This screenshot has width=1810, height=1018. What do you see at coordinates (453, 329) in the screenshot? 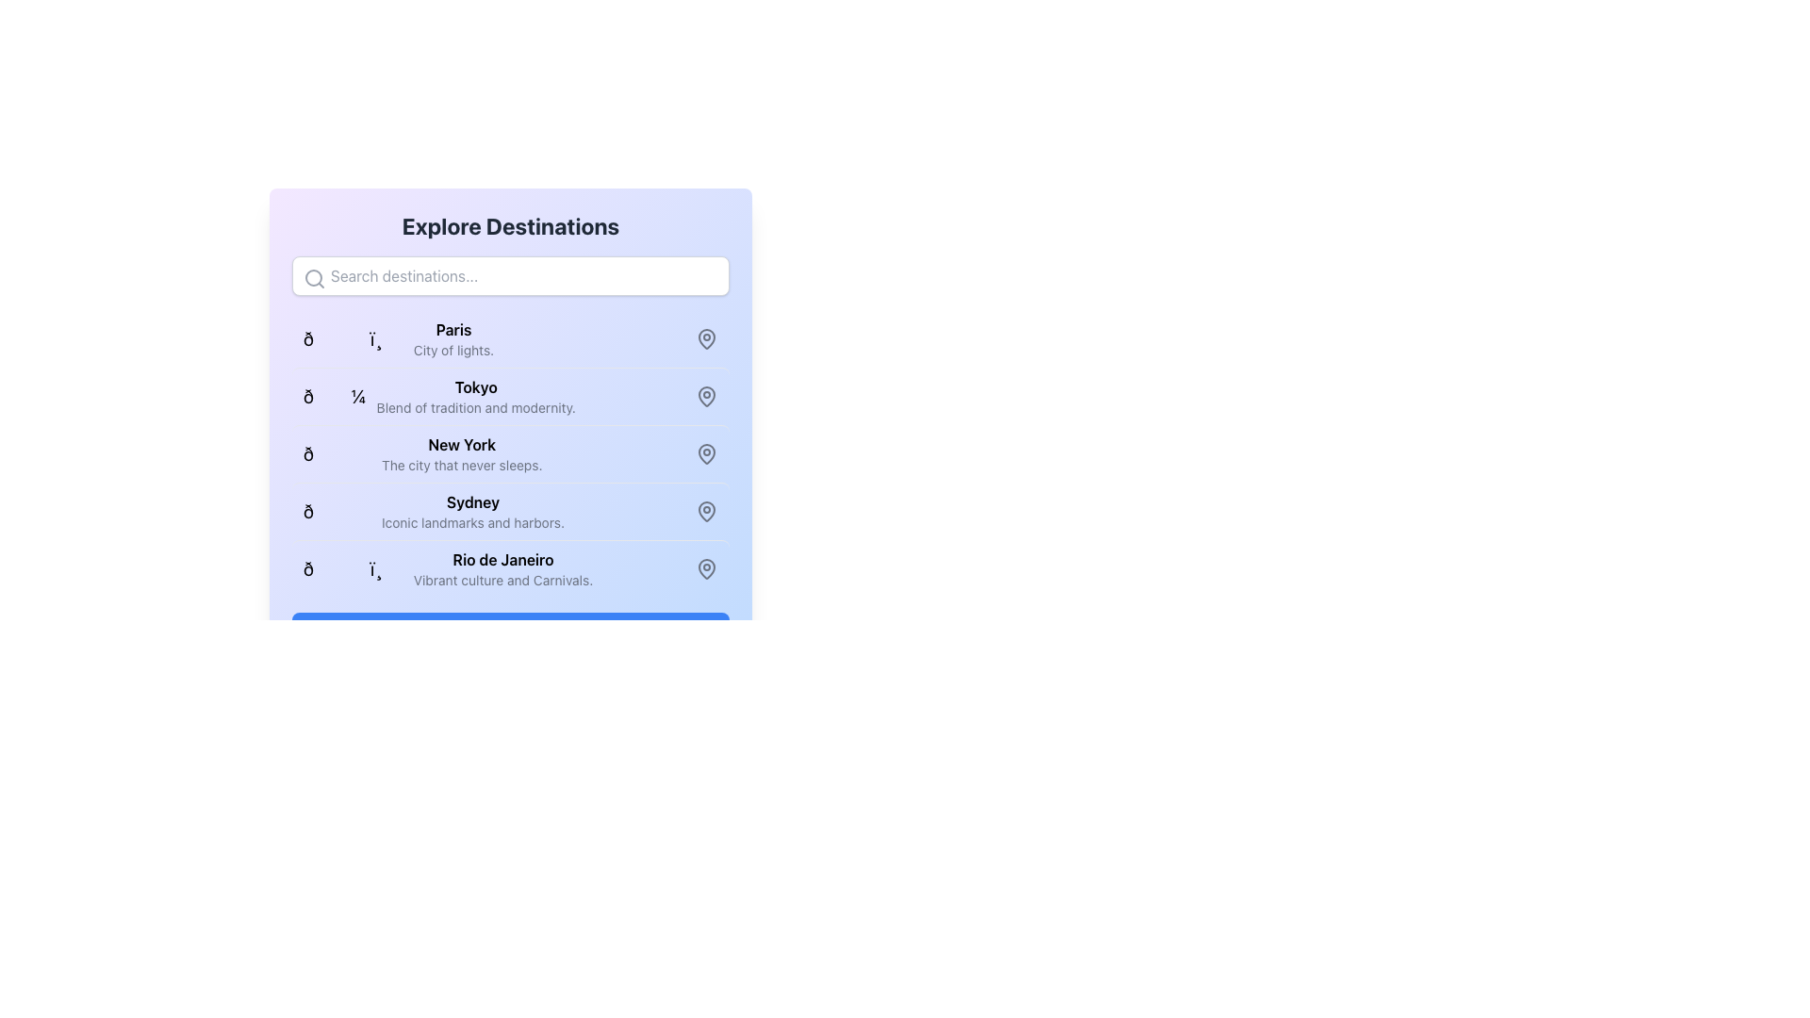
I see `the bold text label 'Paris' which is part of a list of city destinations, located near the top section beneath the search bar labeled 'Explore Destinations'` at bounding box center [453, 329].